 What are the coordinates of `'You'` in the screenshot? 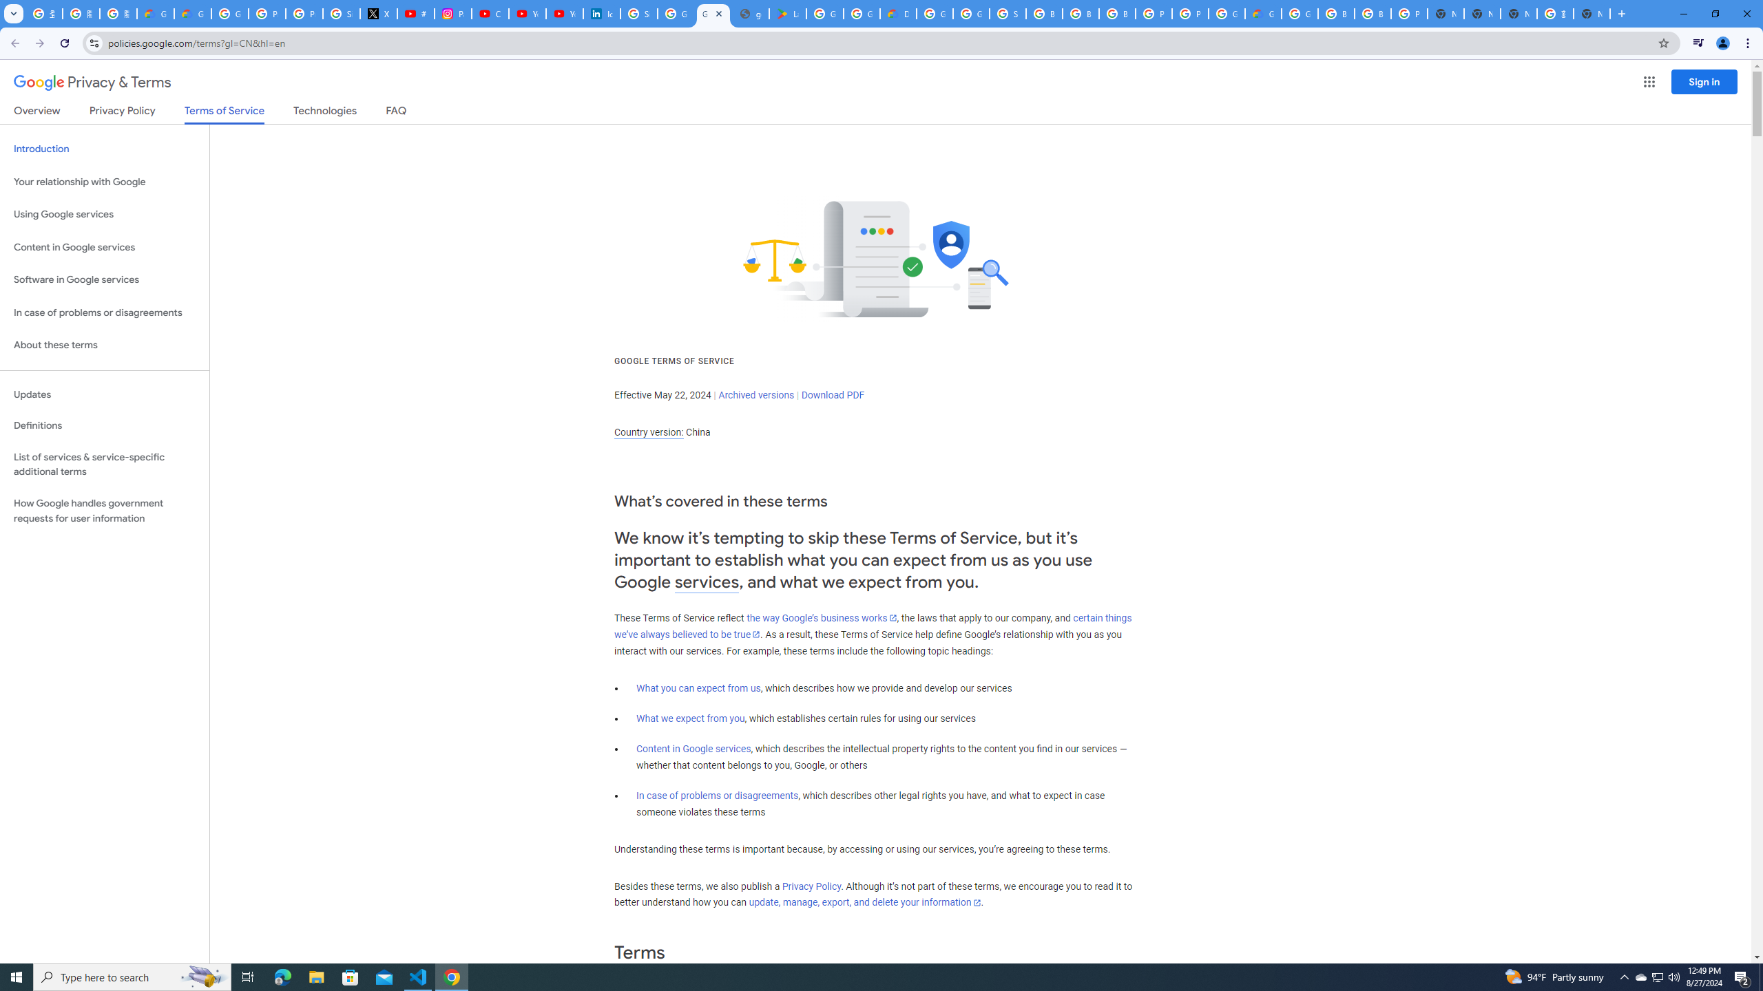 It's located at (1723, 43).